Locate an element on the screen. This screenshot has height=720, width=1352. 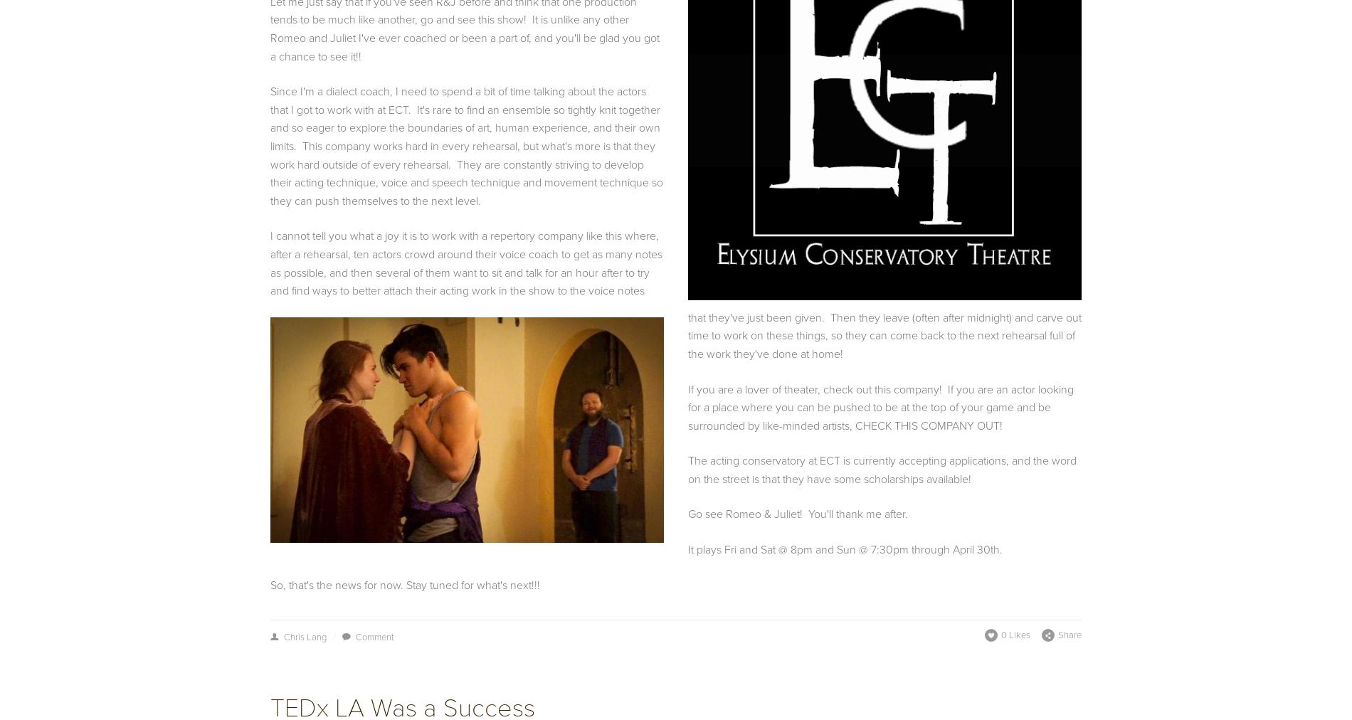
'The acting conservatory at ECT is currently accepting applications, and the word on the street is that they have some scholarships available!' is located at coordinates (881, 470).